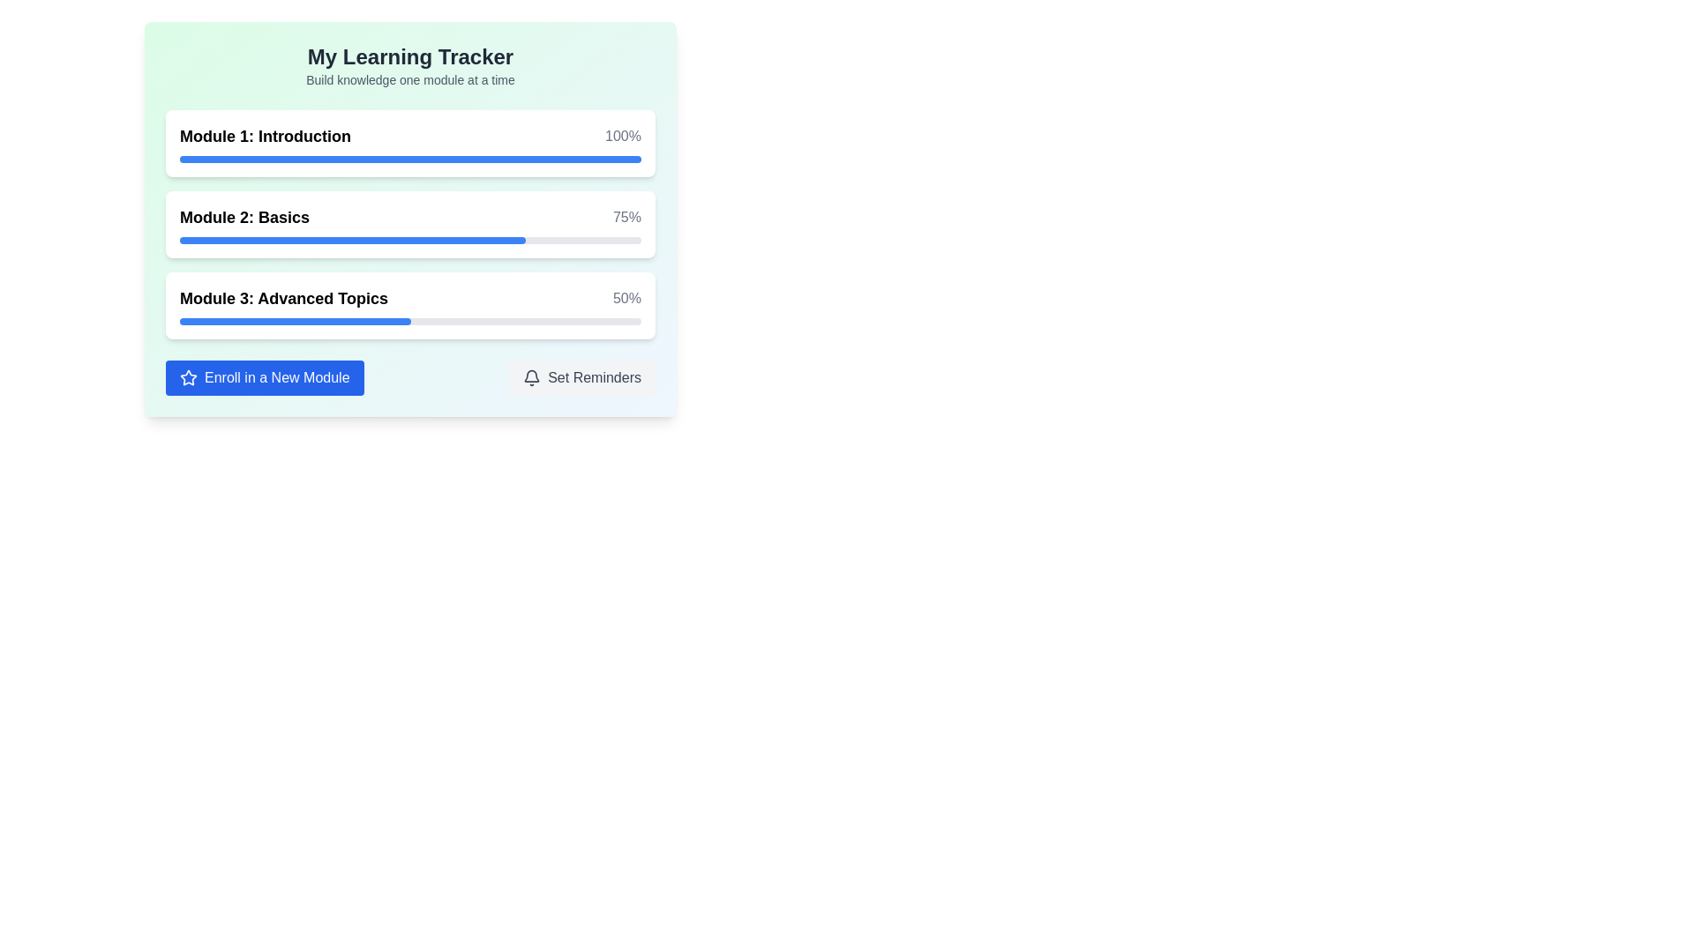  Describe the element at coordinates (189, 376) in the screenshot. I see `the star-shaped icon with a blue outline and white fill, located in the bottom-left region of the card next to the 'Enroll in a New Module' button` at that location.